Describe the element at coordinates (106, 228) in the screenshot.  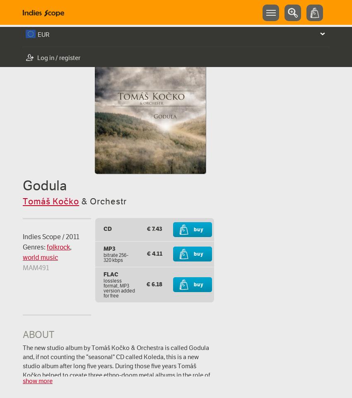
I see `'CD'` at that location.